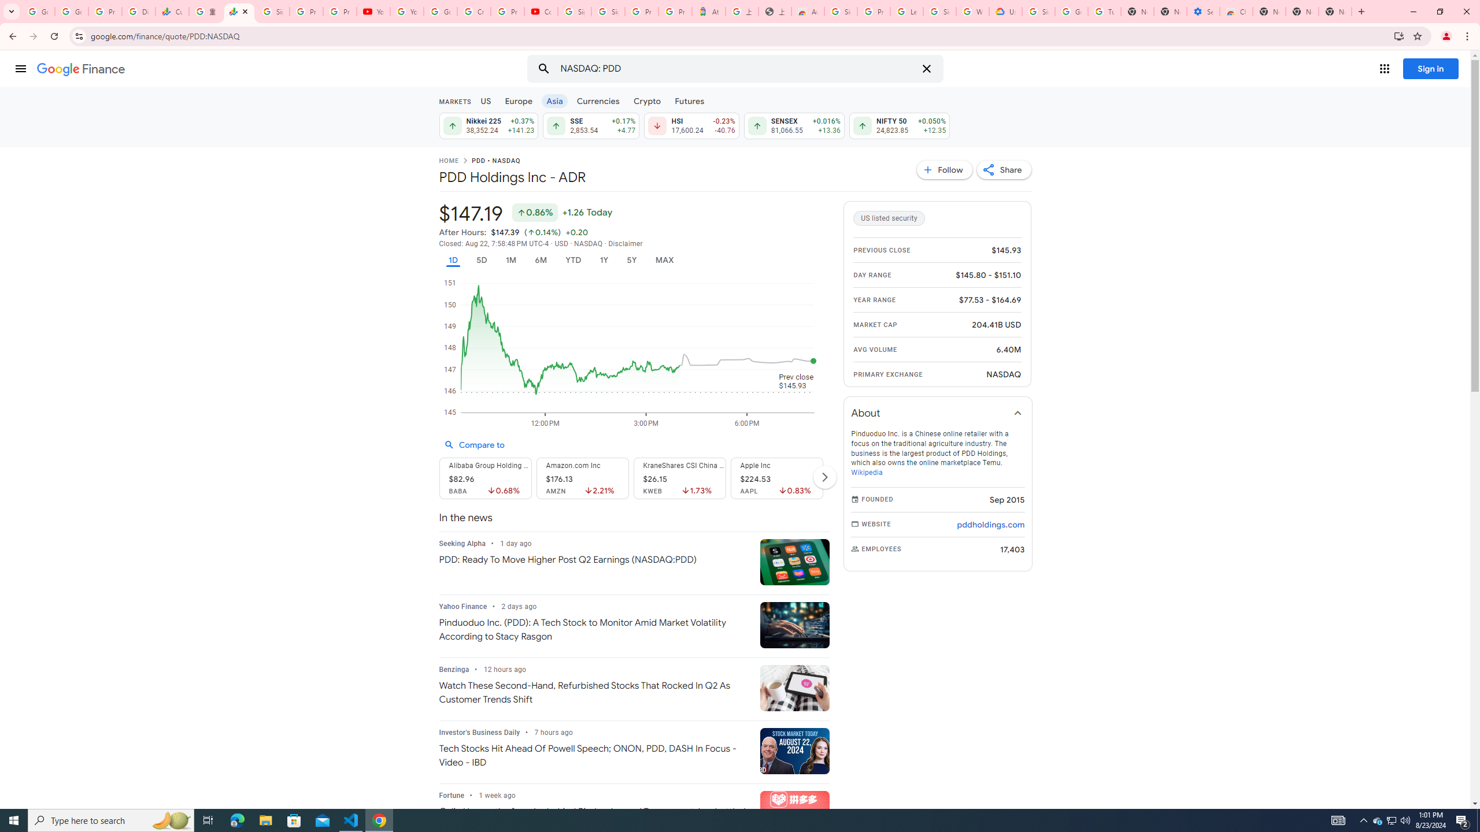 This screenshot has width=1480, height=832. Describe the element at coordinates (990, 524) in the screenshot. I see `'pddholdings.com'` at that location.